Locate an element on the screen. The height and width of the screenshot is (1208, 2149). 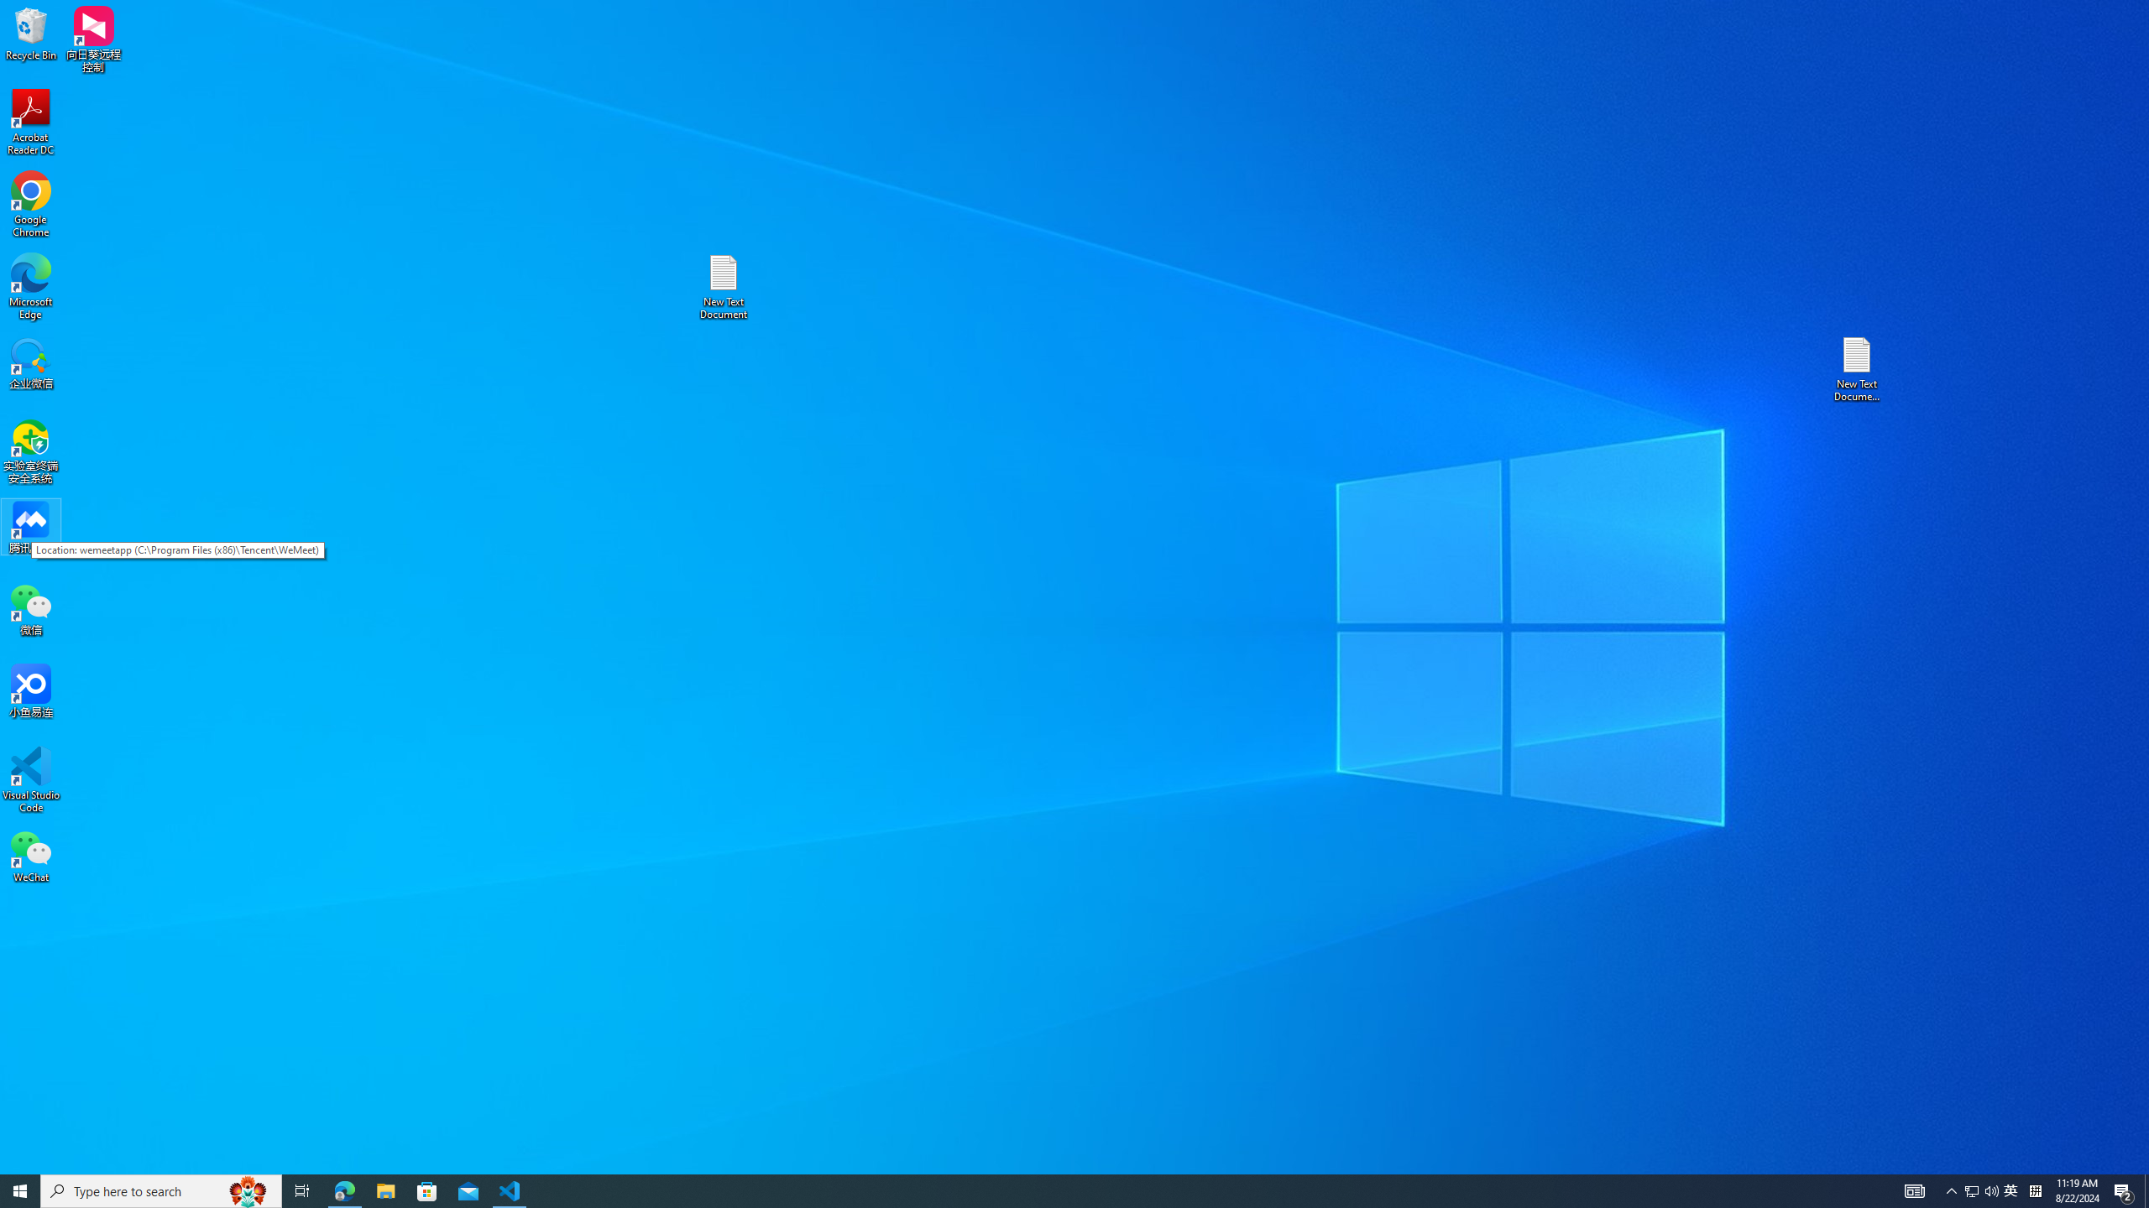
'Microsoft Edge' is located at coordinates (30, 286).